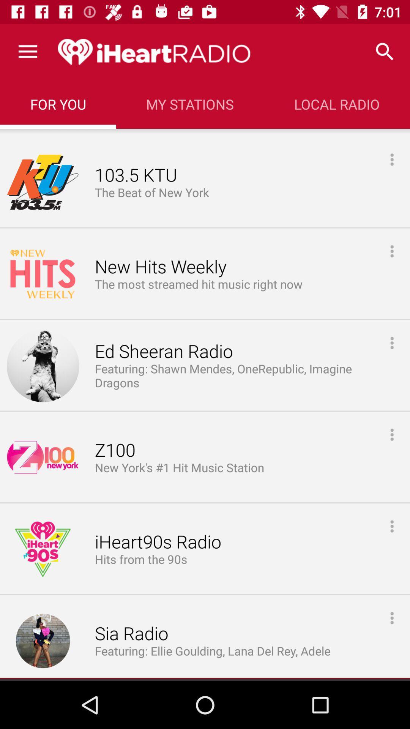  Describe the element at coordinates (336, 104) in the screenshot. I see `the icon next to the my stations icon` at that location.